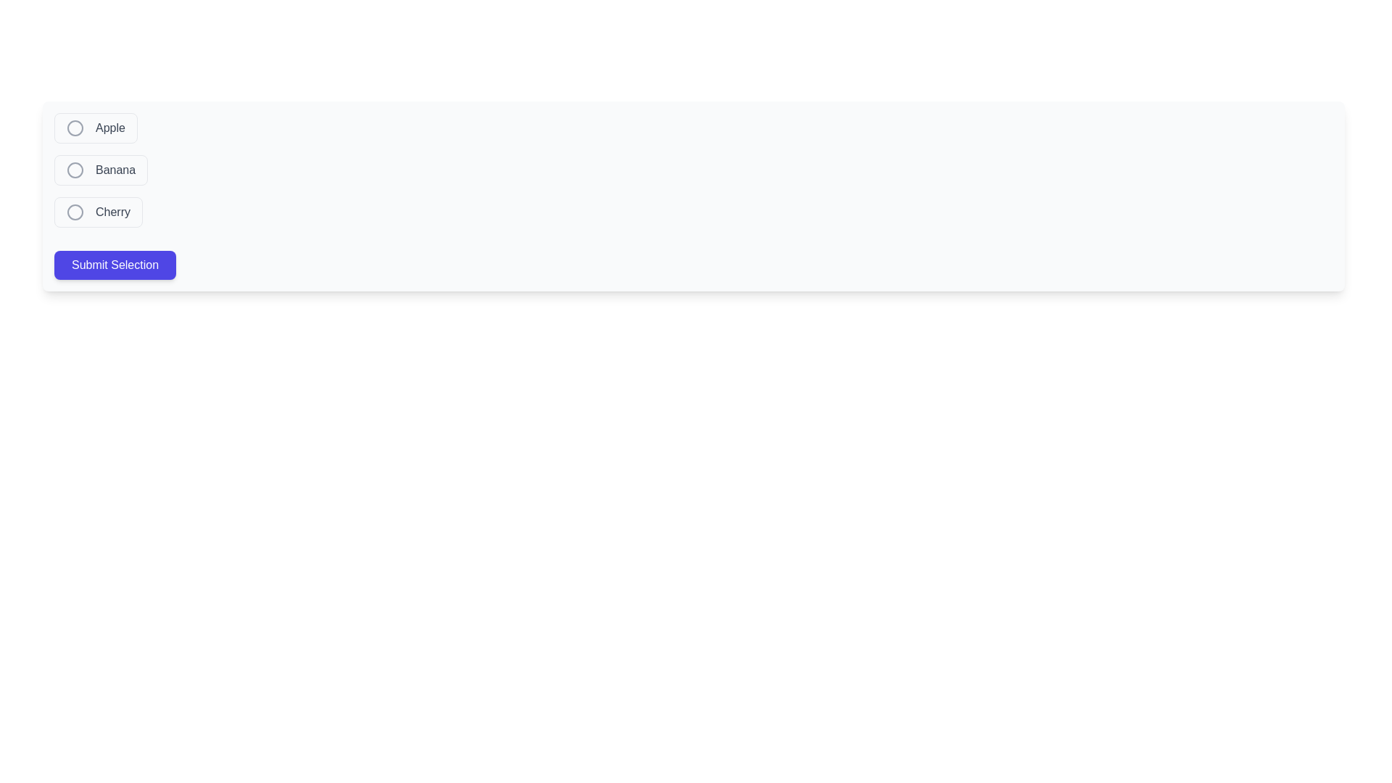  Describe the element at coordinates (100, 170) in the screenshot. I see `the 'Banana' radio button label` at that location.